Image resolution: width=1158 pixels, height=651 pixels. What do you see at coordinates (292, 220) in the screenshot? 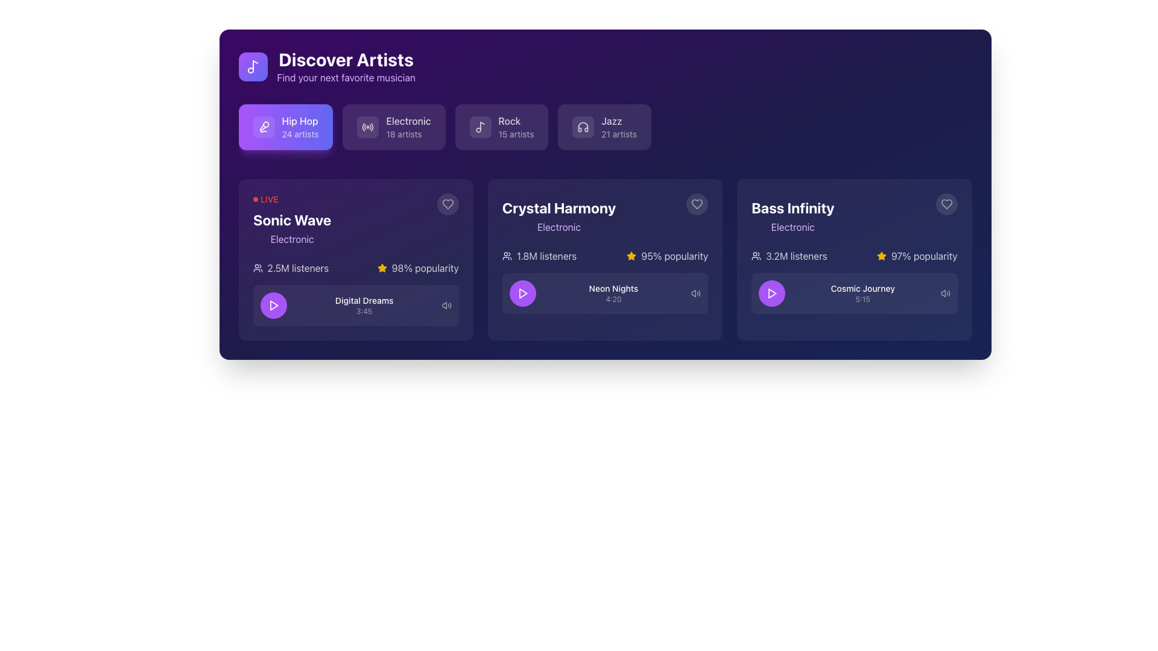
I see `text content of the main heading or descriptor for the item 'Sonic Wave' in the interactive card located in the top-left corner of the row` at bounding box center [292, 220].